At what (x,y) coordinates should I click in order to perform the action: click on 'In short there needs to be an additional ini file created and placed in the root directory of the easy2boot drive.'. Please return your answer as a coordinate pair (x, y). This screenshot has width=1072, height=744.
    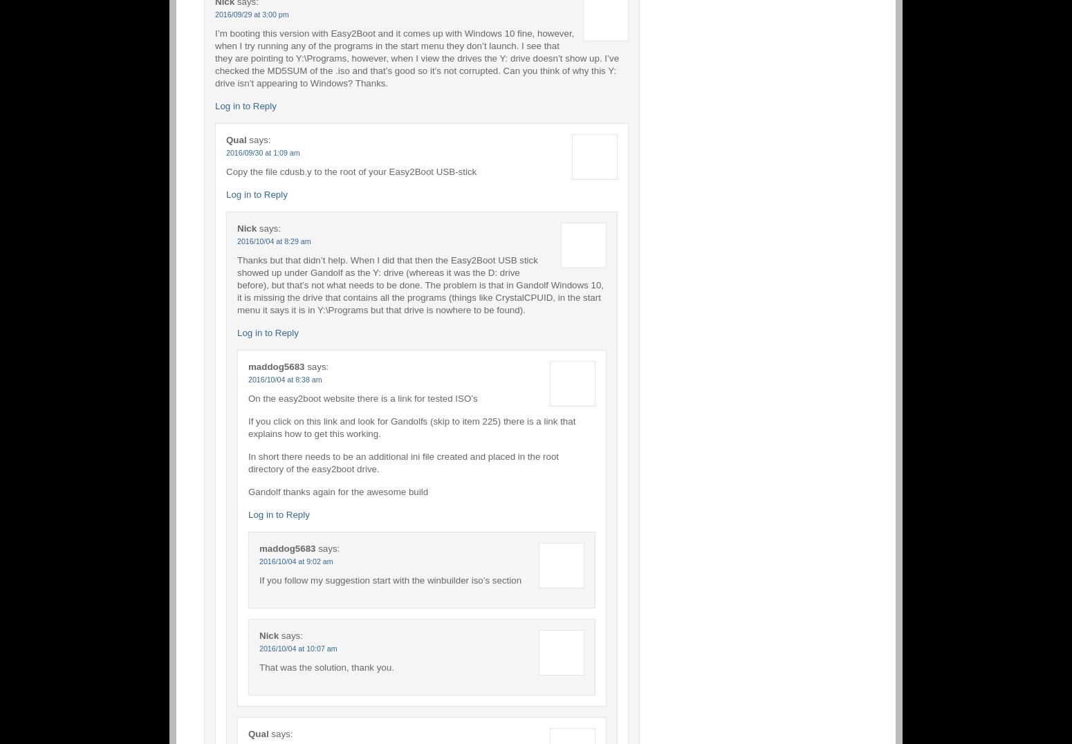
    Looking at the image, I should click on (403, 461).